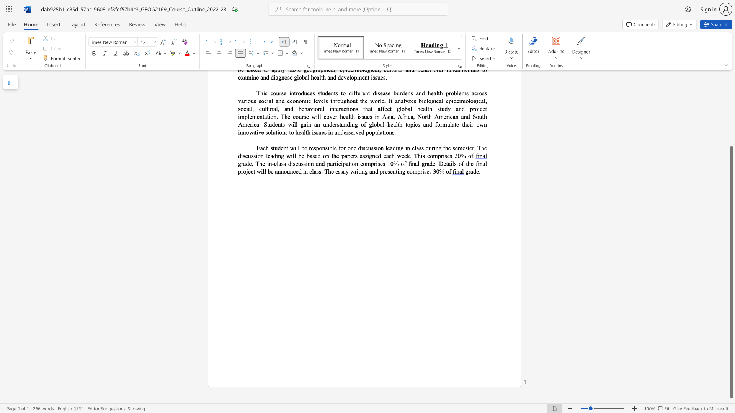 The image size is (735, 413). What do you see at coordinates (731, 272) in the screenshot?
I see `the scrollbar and move up 140 pixels` at bounding box center [731, 272].